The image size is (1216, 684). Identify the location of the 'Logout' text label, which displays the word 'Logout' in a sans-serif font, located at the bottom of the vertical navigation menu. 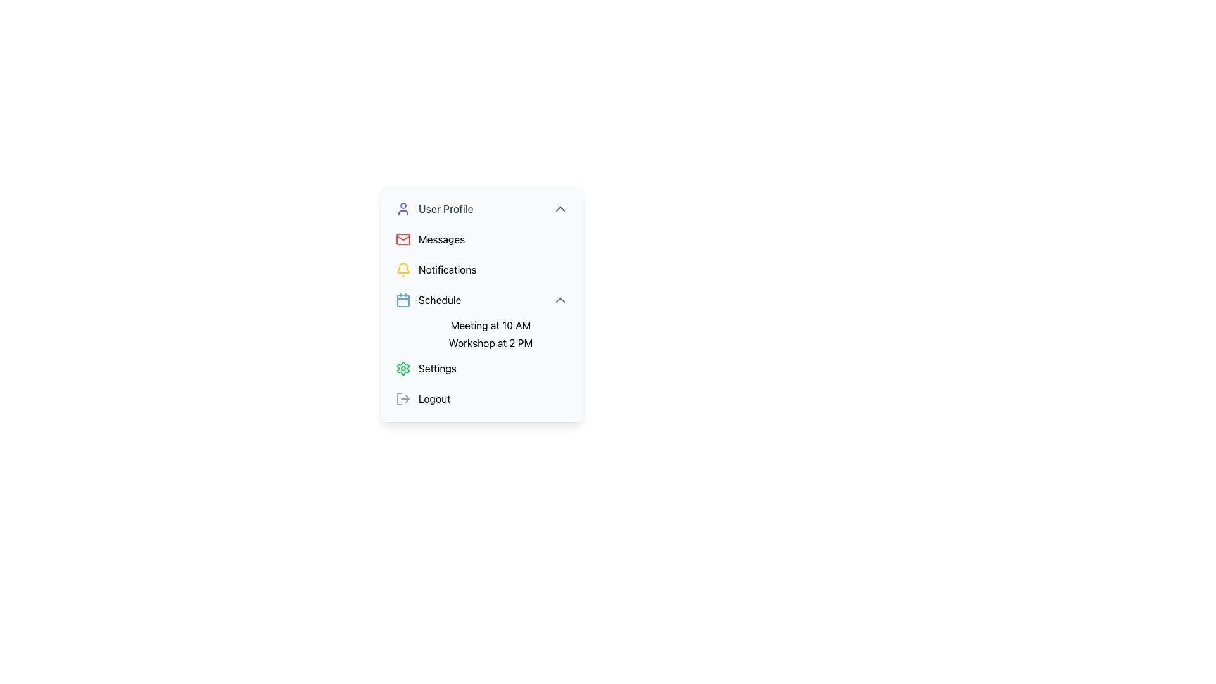
(434, 398).